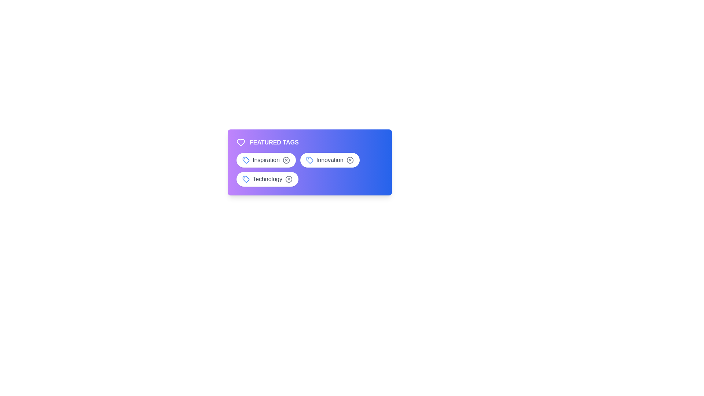 This screenshot has height=396, width=704. I want to click on the icon representing the 'Technology' category located to the left of the 'Technology' text label, so click(246, 179).